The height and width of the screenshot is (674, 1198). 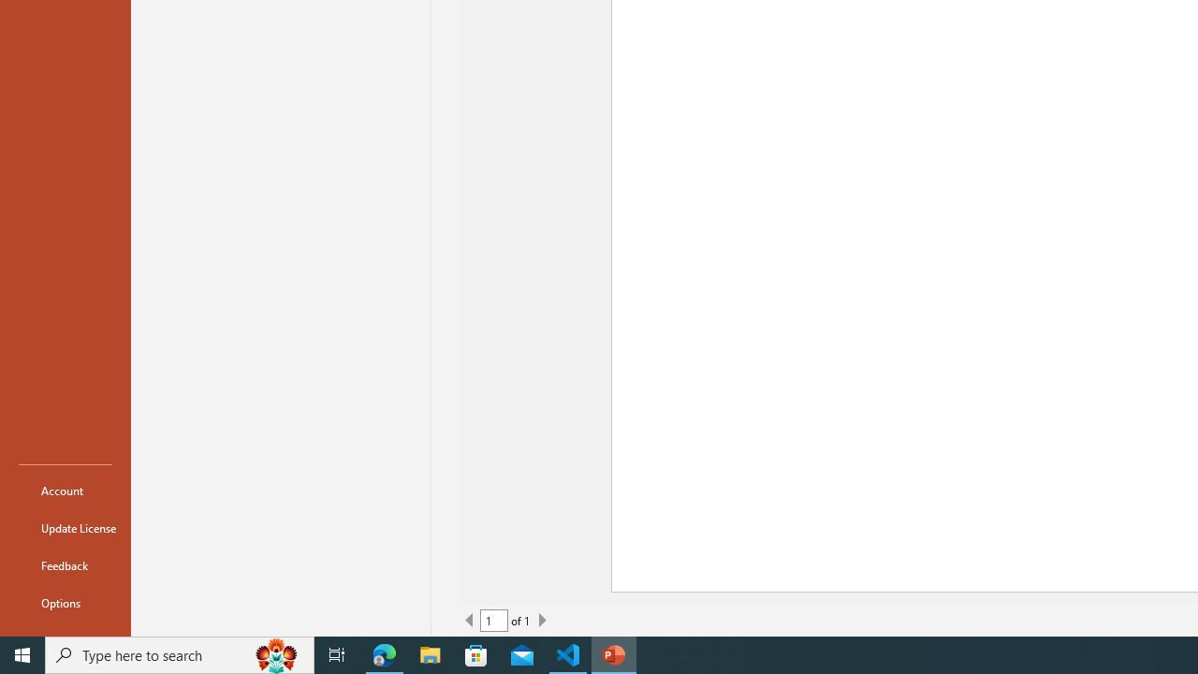 What do you see at coordinates (65, 603) in the screenshot?
I see `'Options'` at bounding box center [65, 603].